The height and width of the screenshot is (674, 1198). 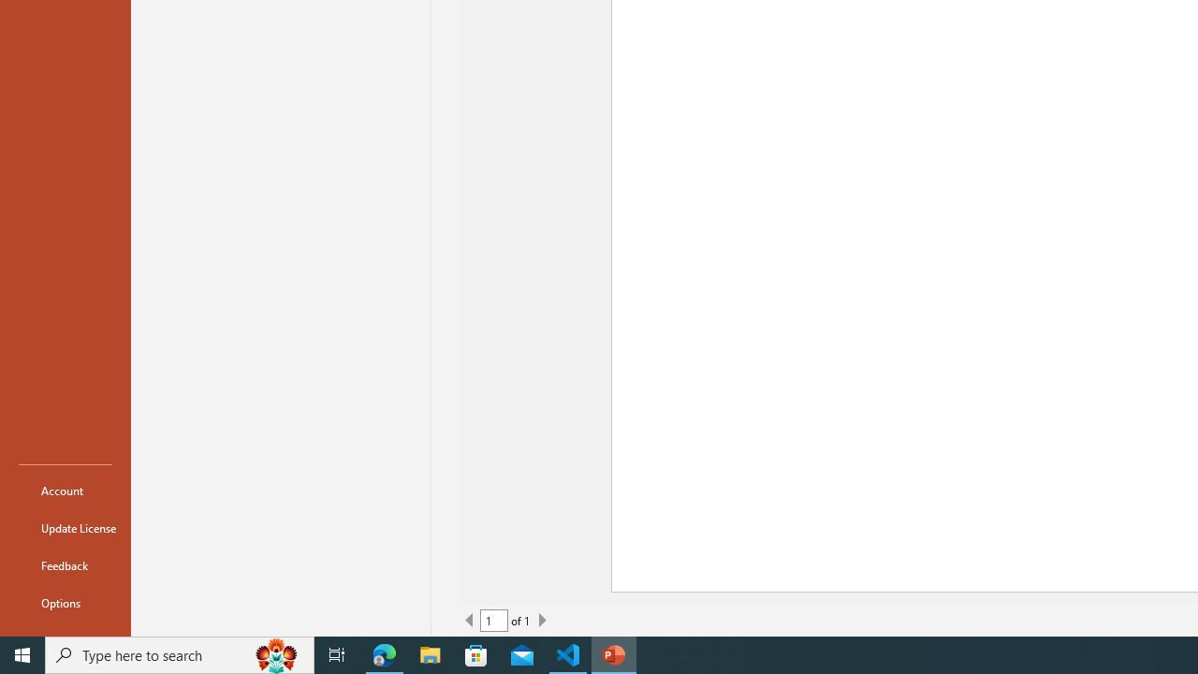 What do you see at coordinates (65, 603) in the screenshot?
I see `'Options'` at bounding box center [65, 603].